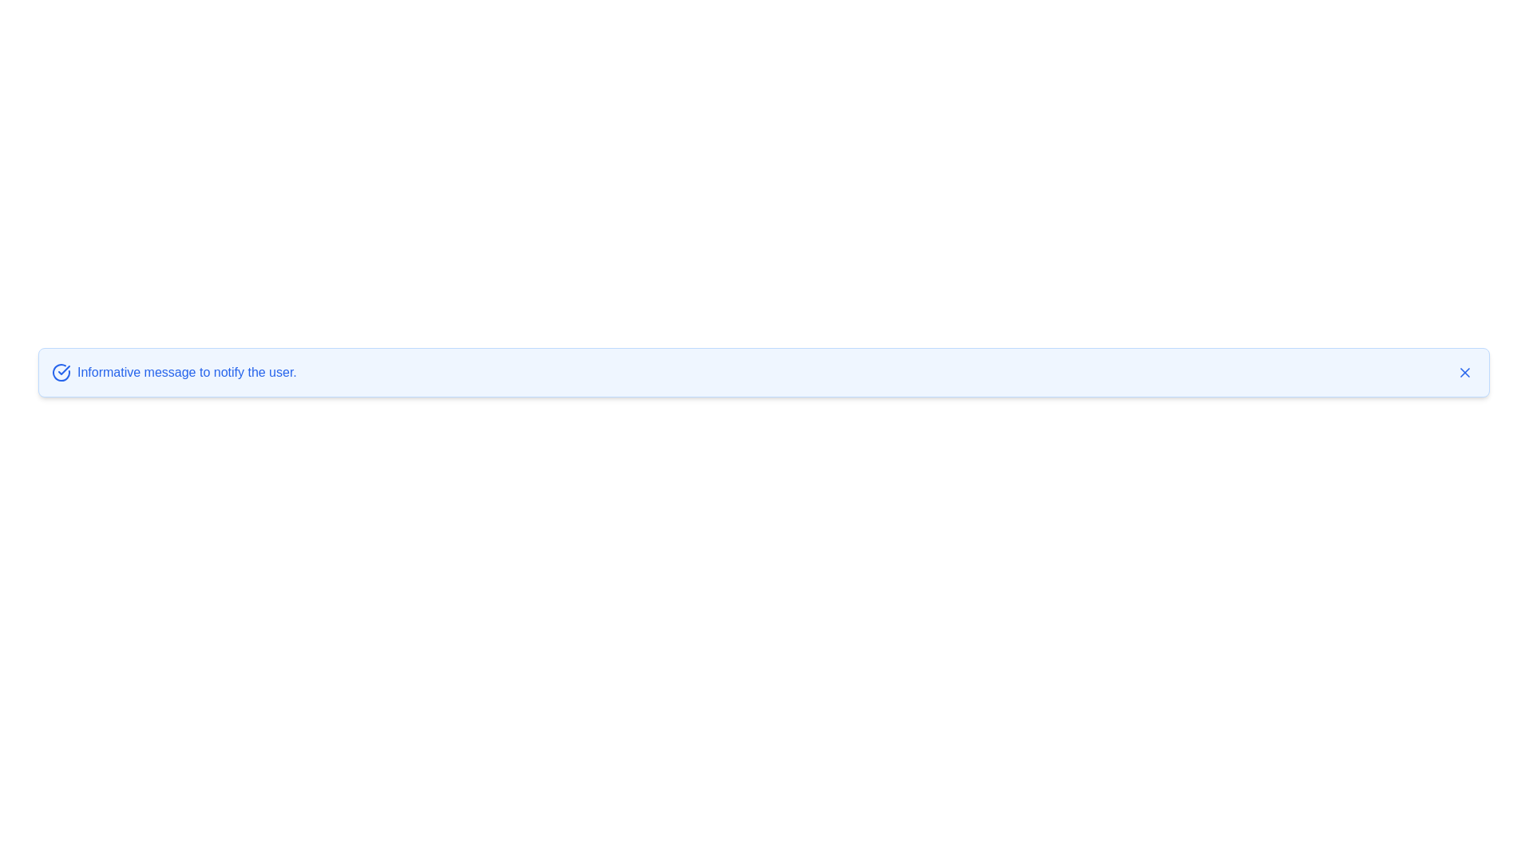 This screenshot has width=1533, height=862. I want to click on the blue-stroked circular icon button resembling an 'X', so click(1464, 372).